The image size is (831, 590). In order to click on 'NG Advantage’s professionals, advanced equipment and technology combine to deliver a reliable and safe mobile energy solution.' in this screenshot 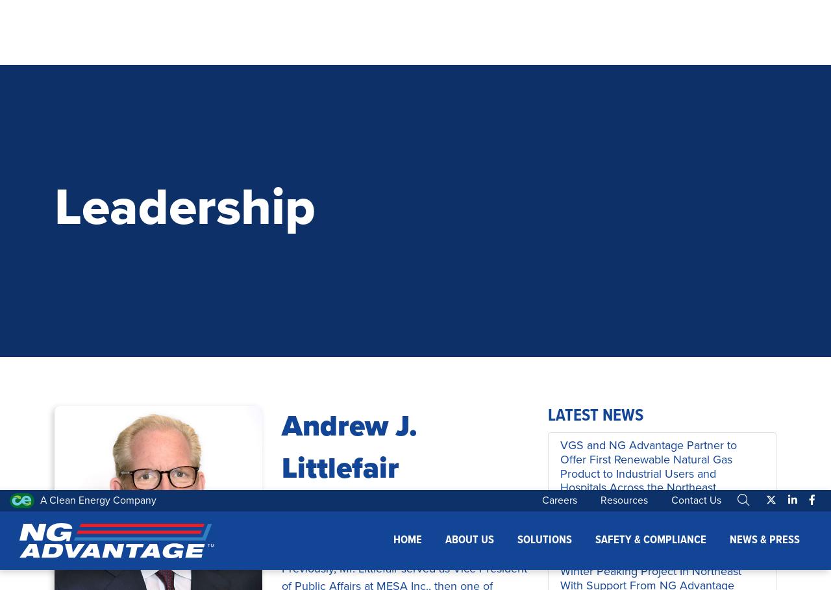, I will do `click(126, 506)`.